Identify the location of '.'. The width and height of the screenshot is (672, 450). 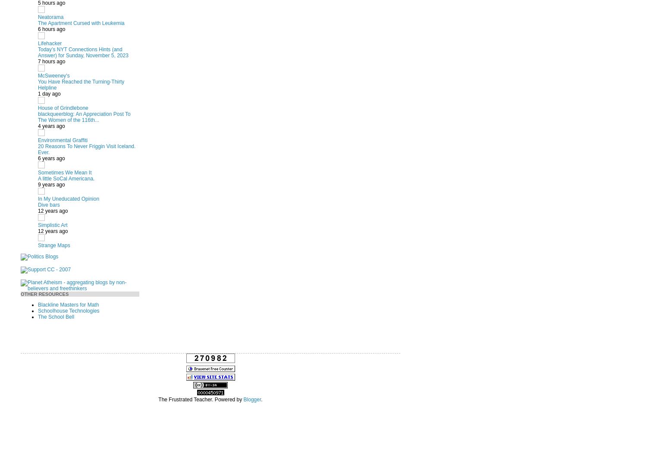
(261, 399).